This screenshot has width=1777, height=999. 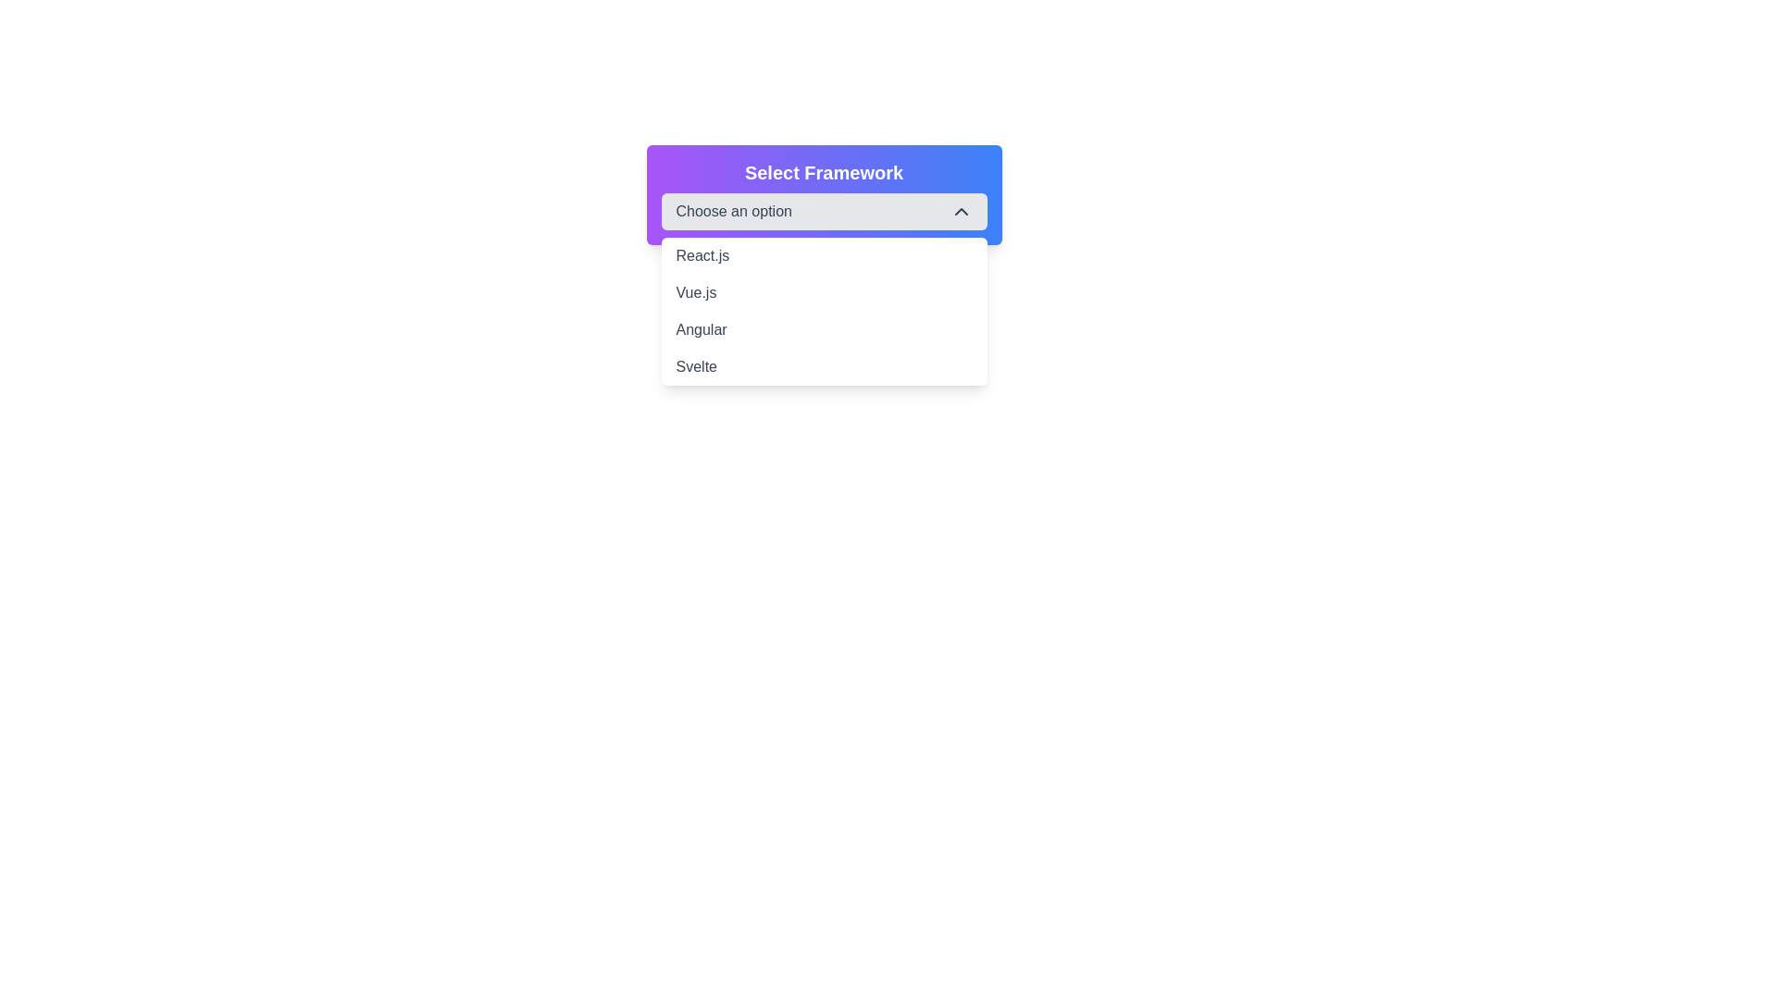 What do you see at coordinates (823, 367) in the screenshot?
I see `the 'Svelte' option in the dropdown menu, which is the fourth item below 'Angular'` at bounding box center [823, 367].